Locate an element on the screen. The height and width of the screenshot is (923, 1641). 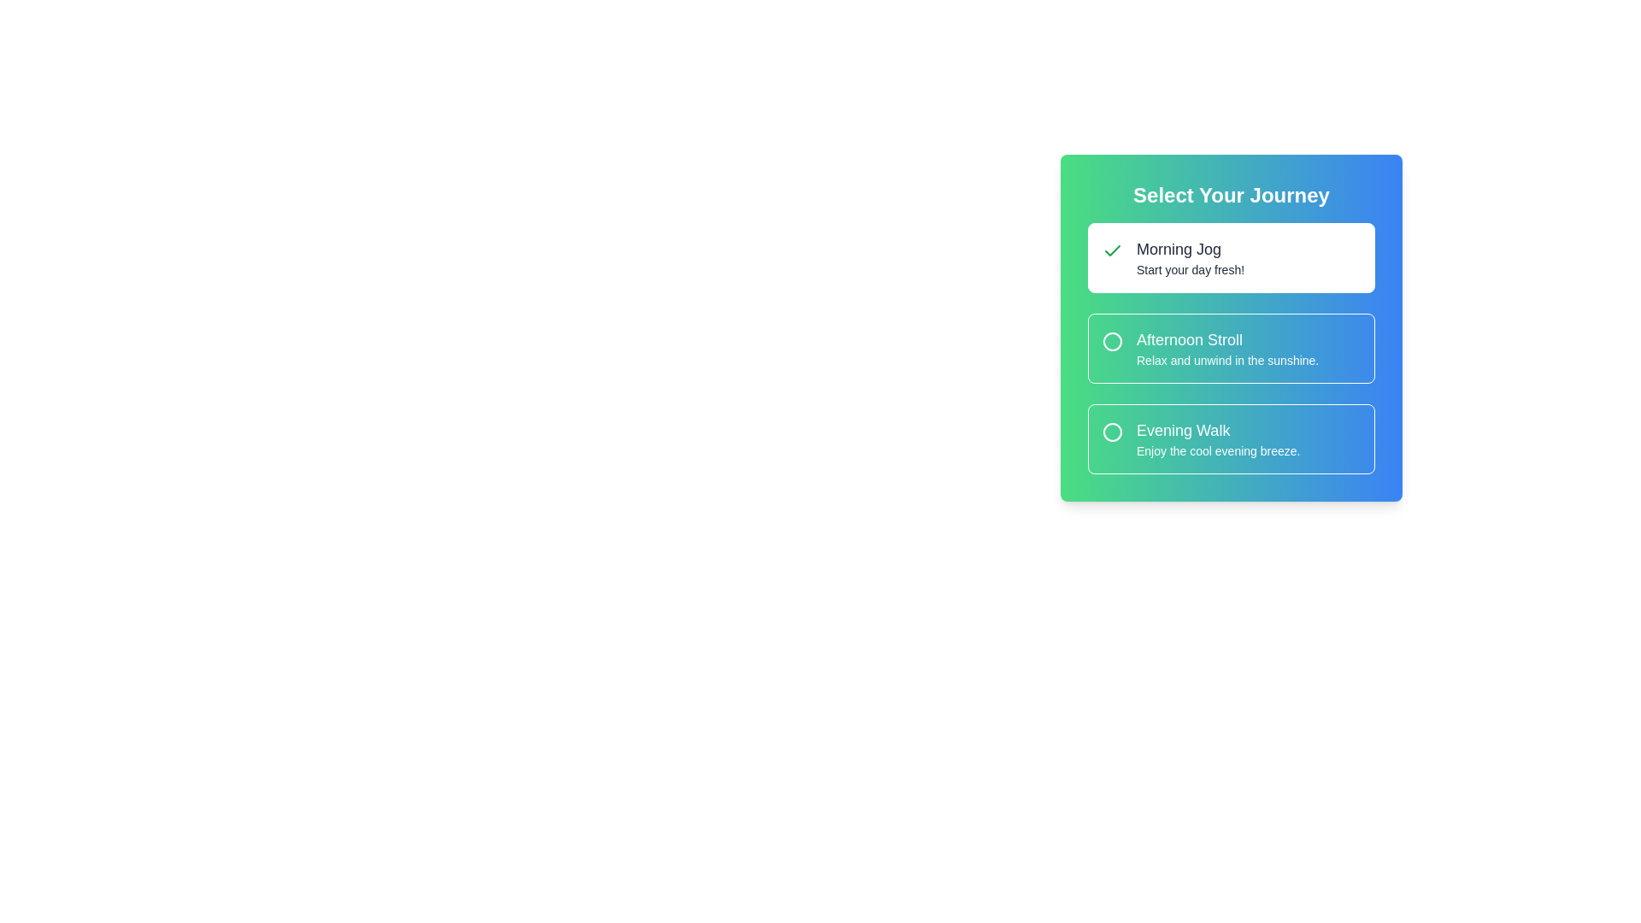
the icon that indicates the 'Morning Jog' option has been selected, located at the top-left of the selection card is located at coordinates (1112, 250).